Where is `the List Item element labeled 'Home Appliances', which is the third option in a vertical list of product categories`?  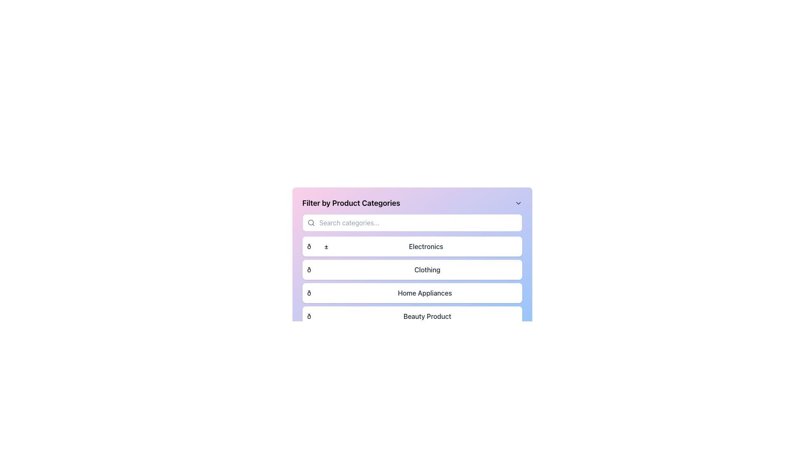 the List Item element labeled 'Home Appliances', which is the third option in a vertical list of product categories is located at coordinates (412, 293).